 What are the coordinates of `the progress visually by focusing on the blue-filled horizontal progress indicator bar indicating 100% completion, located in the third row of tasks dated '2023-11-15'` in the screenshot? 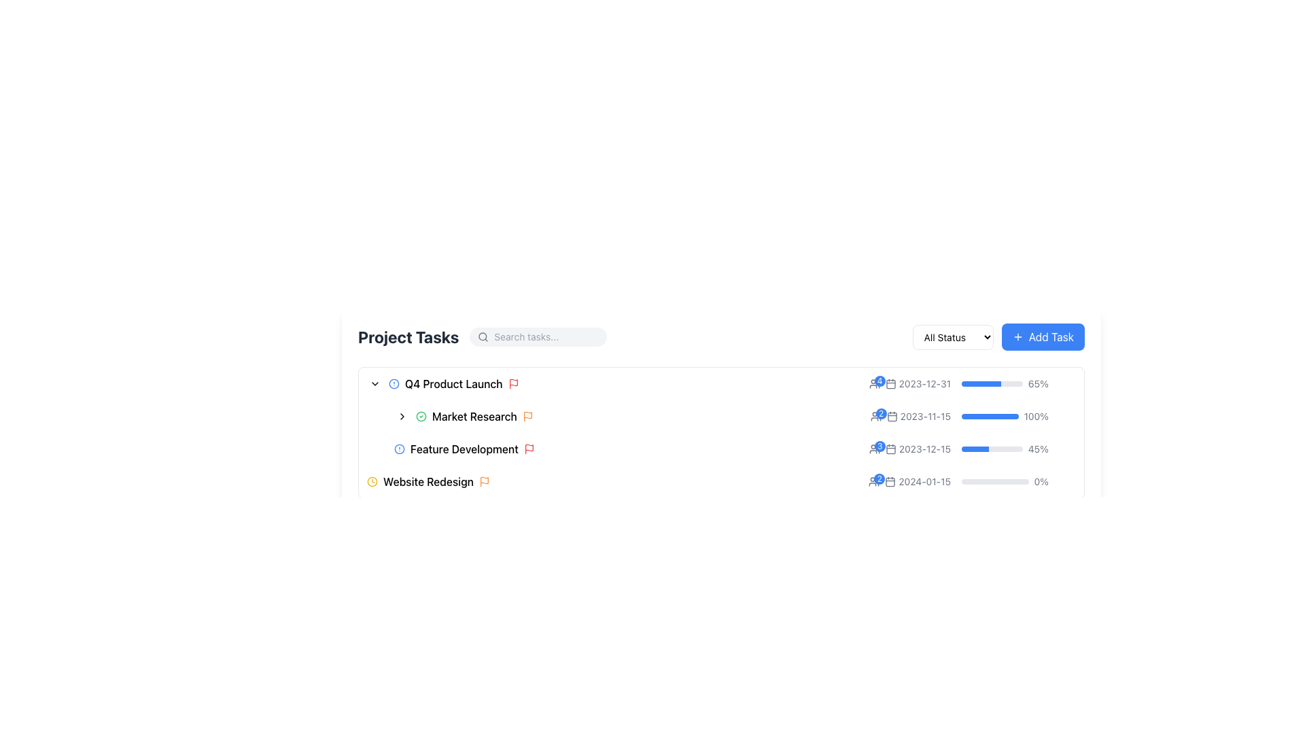 It's located at (990, 416).